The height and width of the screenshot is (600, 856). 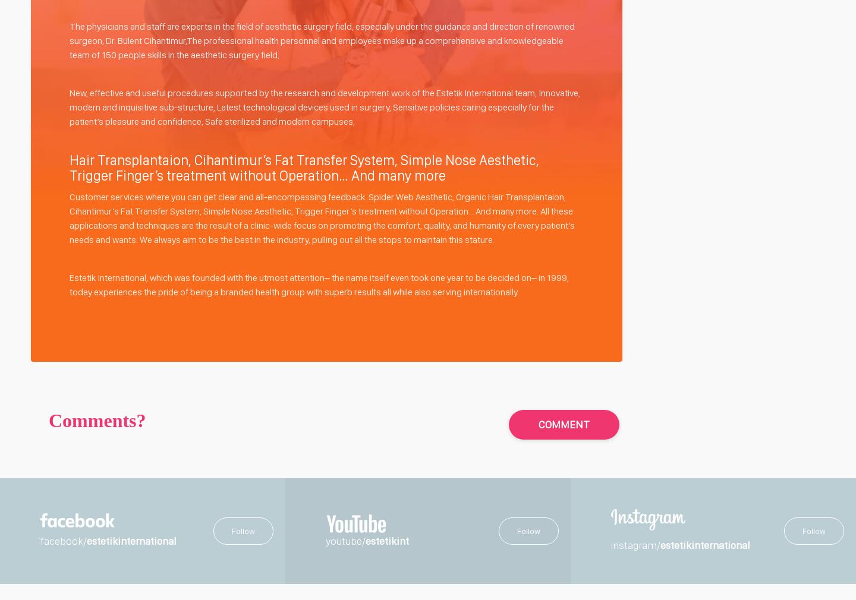 What do you see at coordinates (318, 284) in the screenshot?
I see `'Estetik International, which was founded with the utmost attention– the name itself even took one year to be decided on– in 1999, today experiences the pride of being a branded health group with superb results all while also serving internationally.'` at bounding box center [318, 284].